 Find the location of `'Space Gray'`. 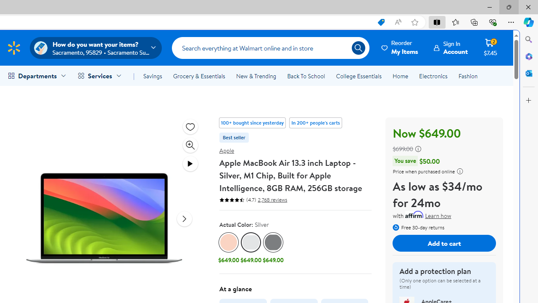

'Space Gray' is located at coordinates (273, 242).